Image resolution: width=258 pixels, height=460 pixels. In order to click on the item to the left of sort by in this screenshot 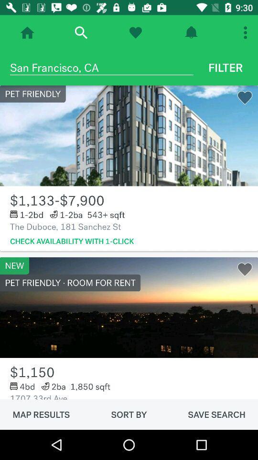, I will do `click(41, 414)`.